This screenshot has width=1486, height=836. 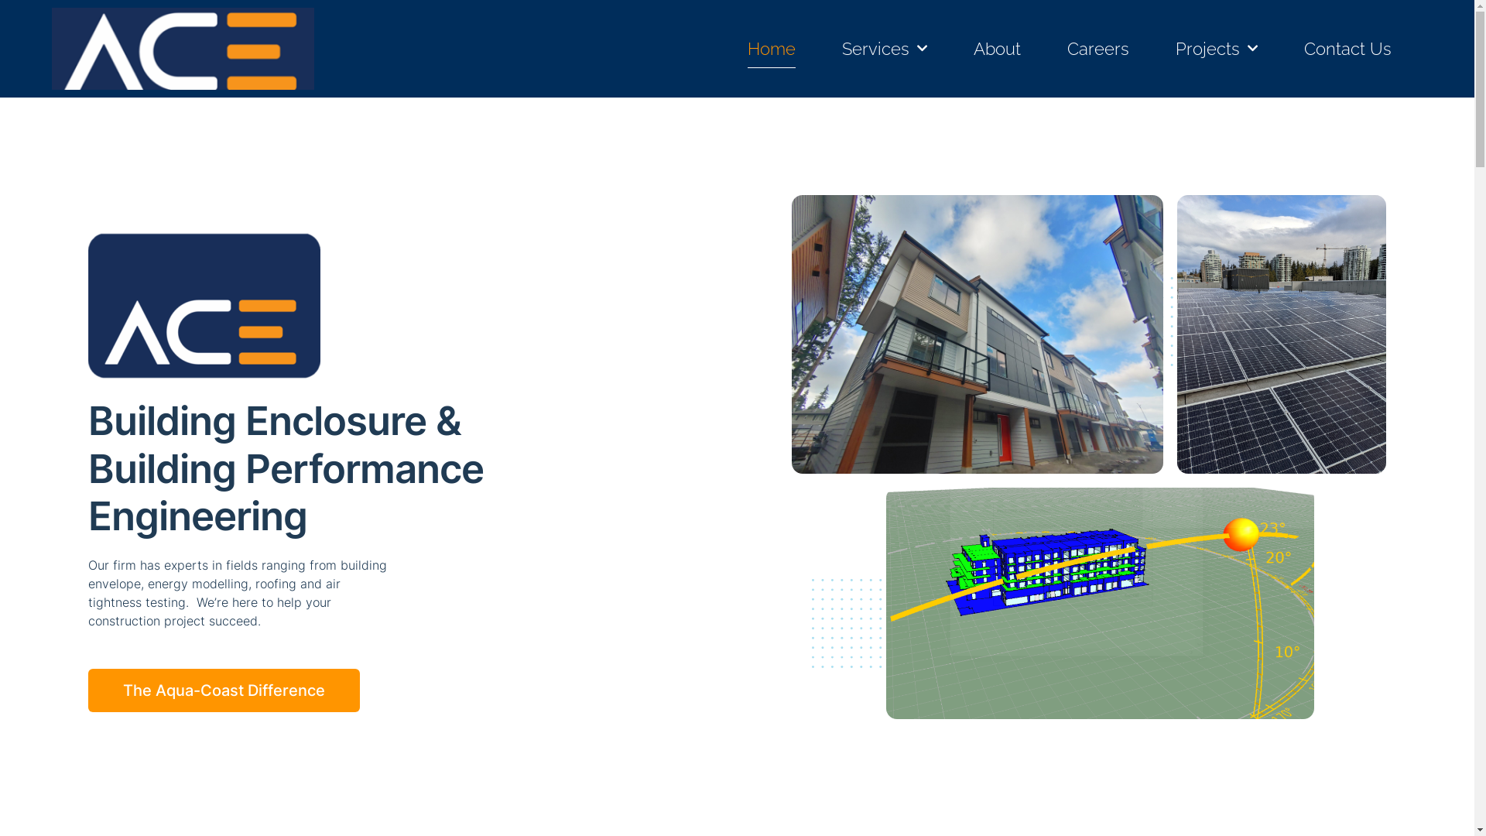 What do you see at coordinates (223, 689) in the screenshot?
I see `'The Aqua-Coast Difference'` at bounding box center [223, 689].